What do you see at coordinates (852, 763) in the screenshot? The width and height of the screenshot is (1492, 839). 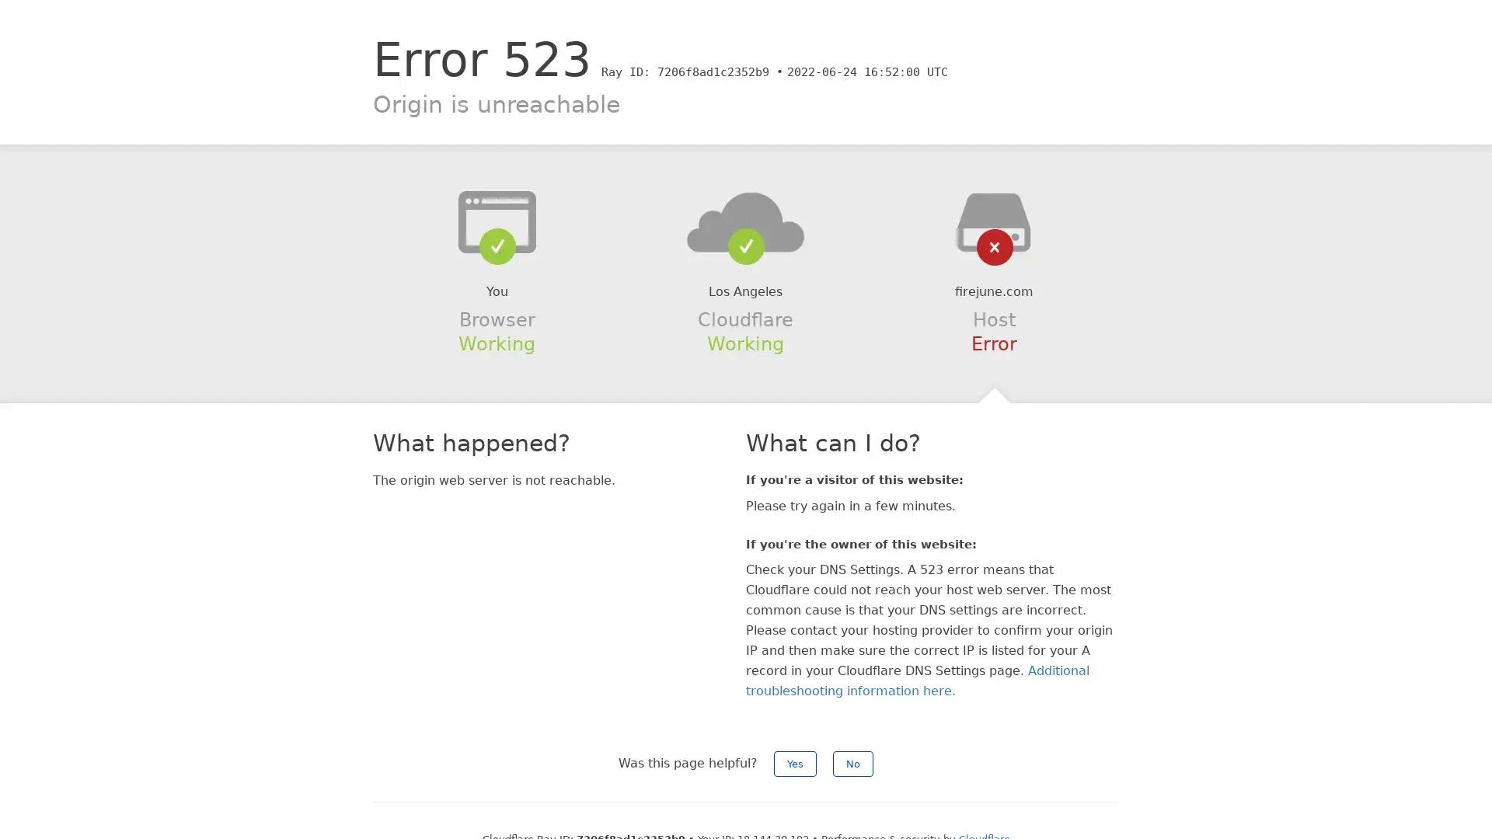 I see `No` at bounding box center [852, 763].